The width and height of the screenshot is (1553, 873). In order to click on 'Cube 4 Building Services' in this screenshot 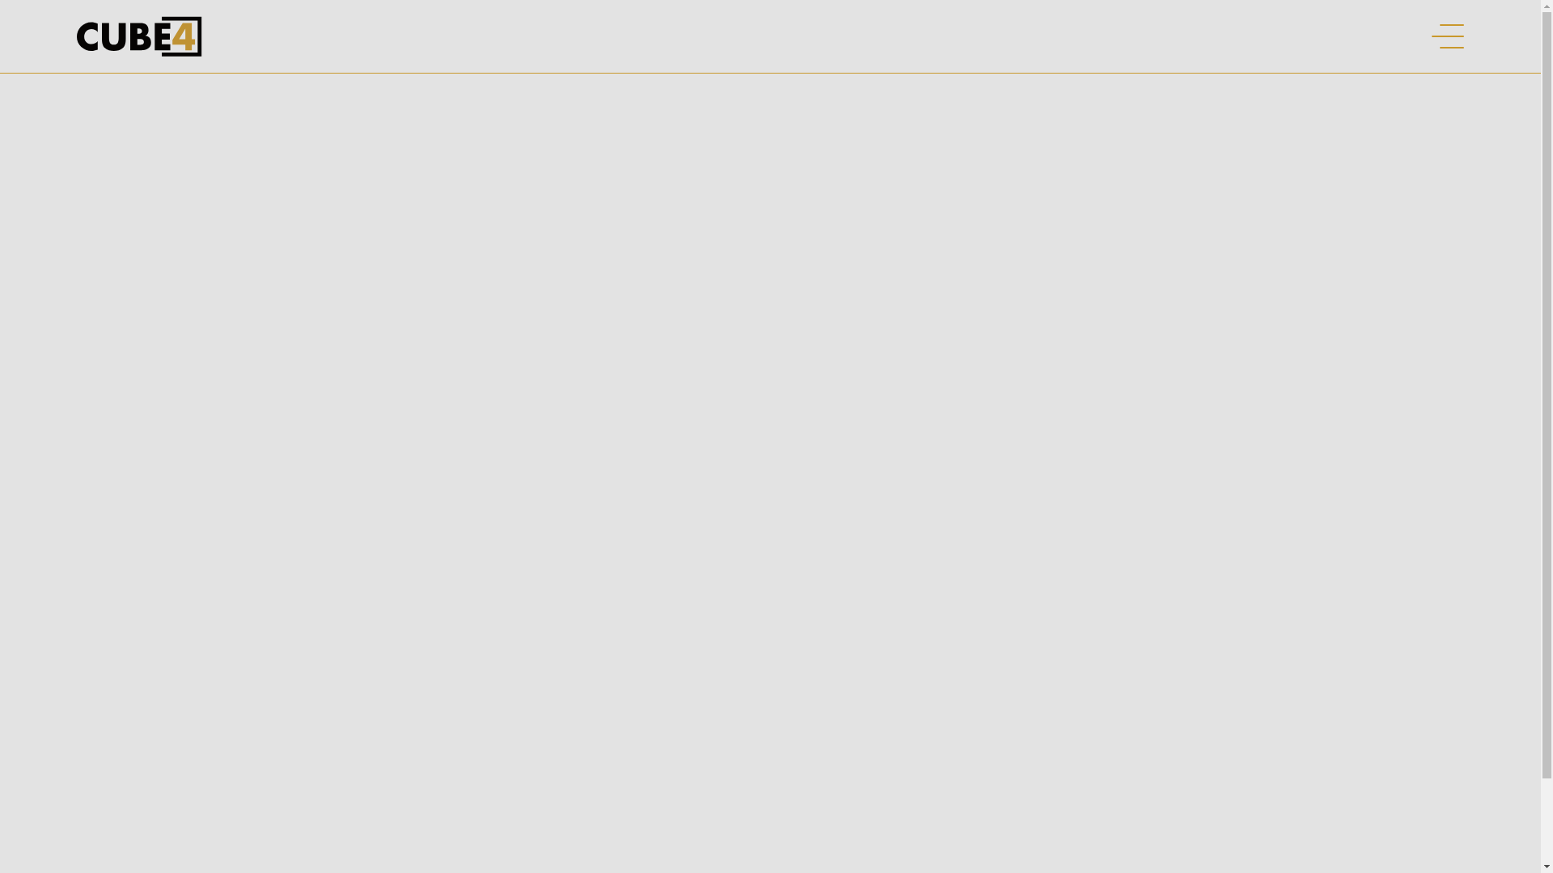, I will do `click(139, 36)`.